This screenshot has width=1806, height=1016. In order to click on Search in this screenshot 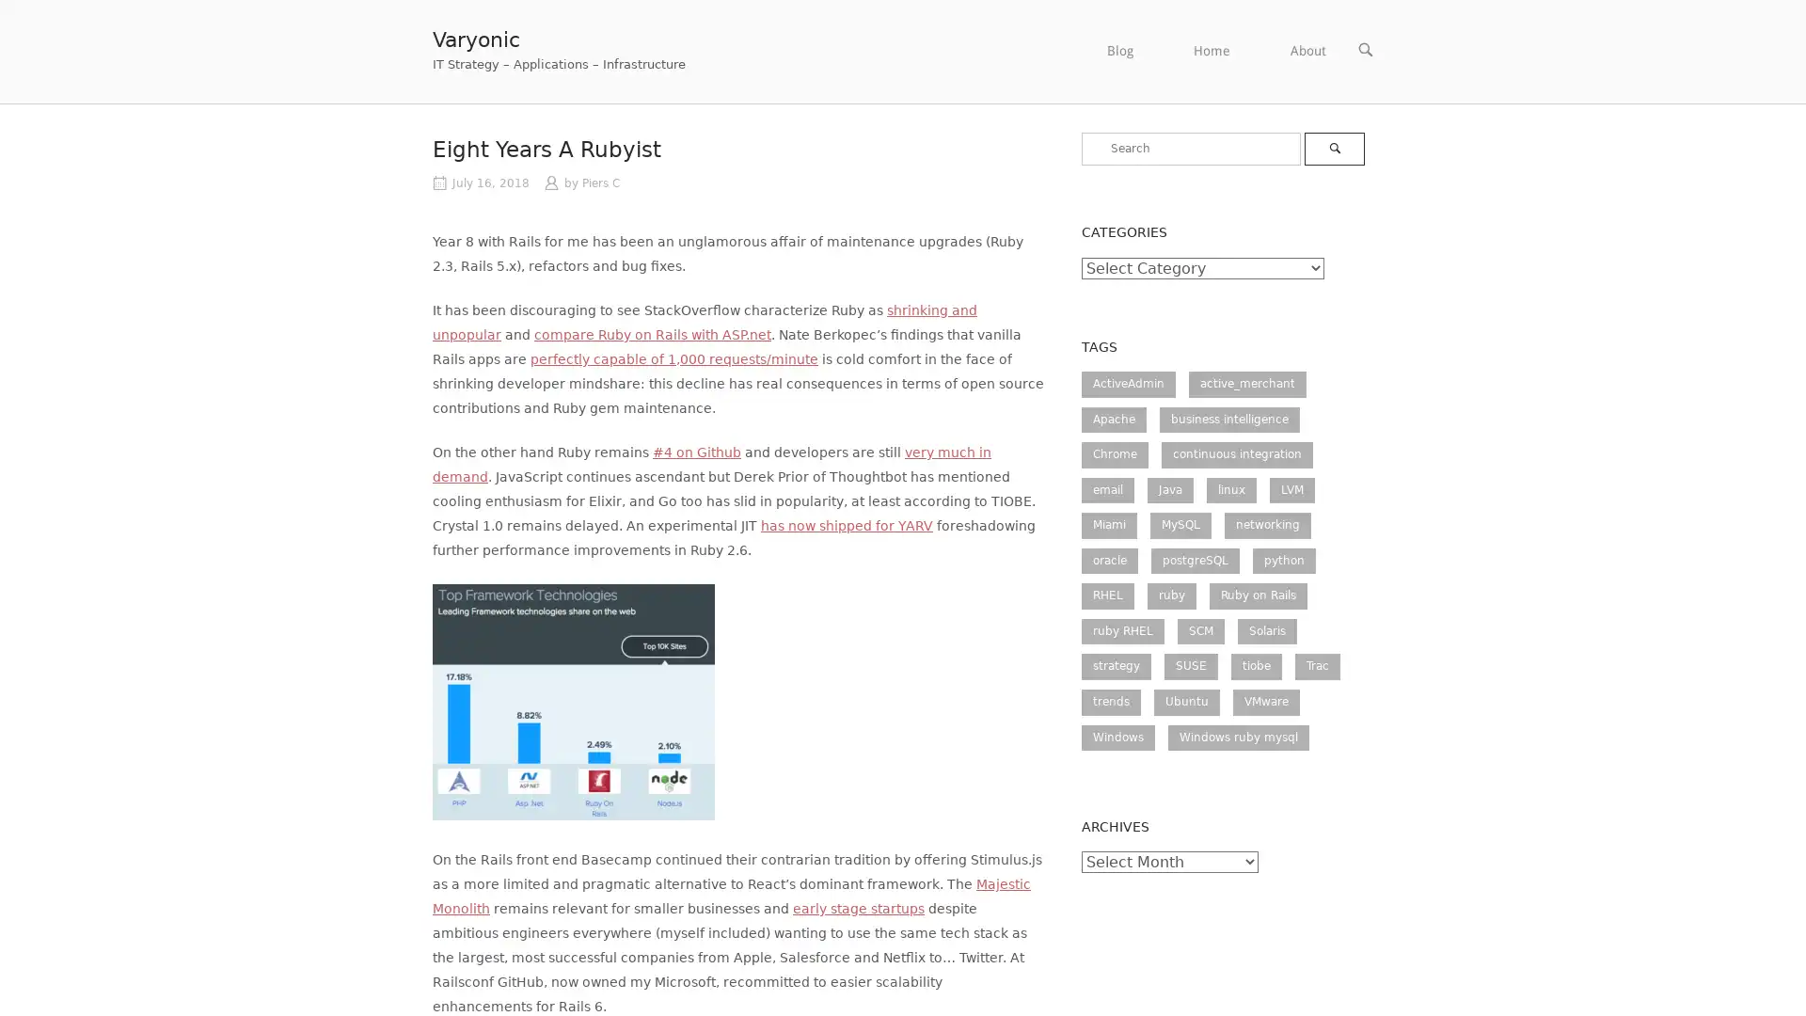, I will do `click(1332, 148)`.